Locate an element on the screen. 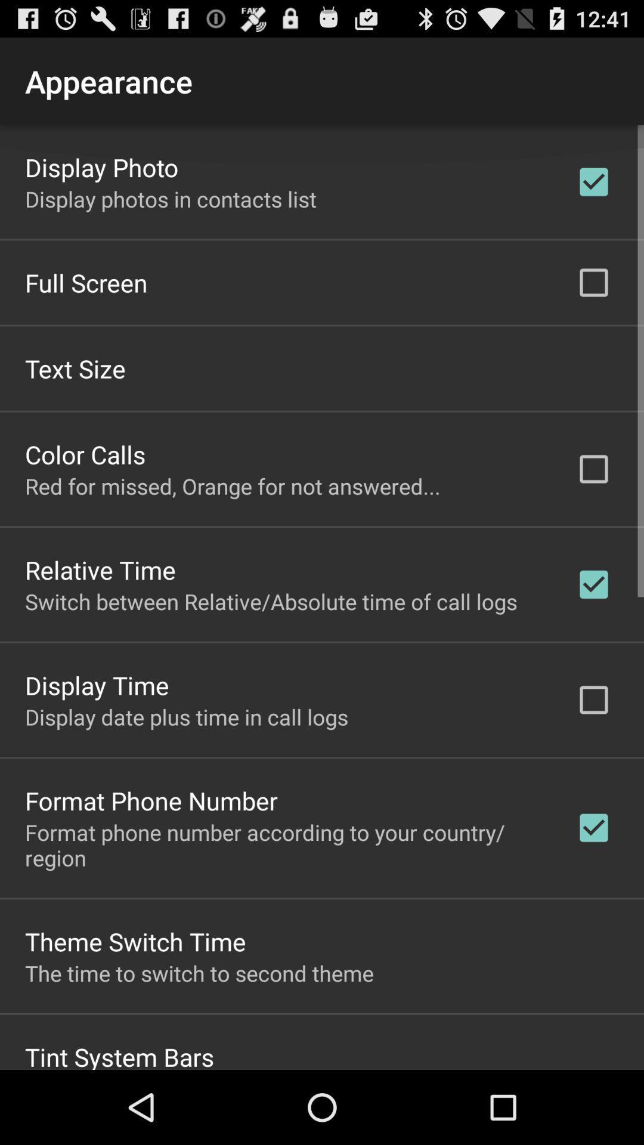  app above color calls icon is located at coordinates (75, 367).